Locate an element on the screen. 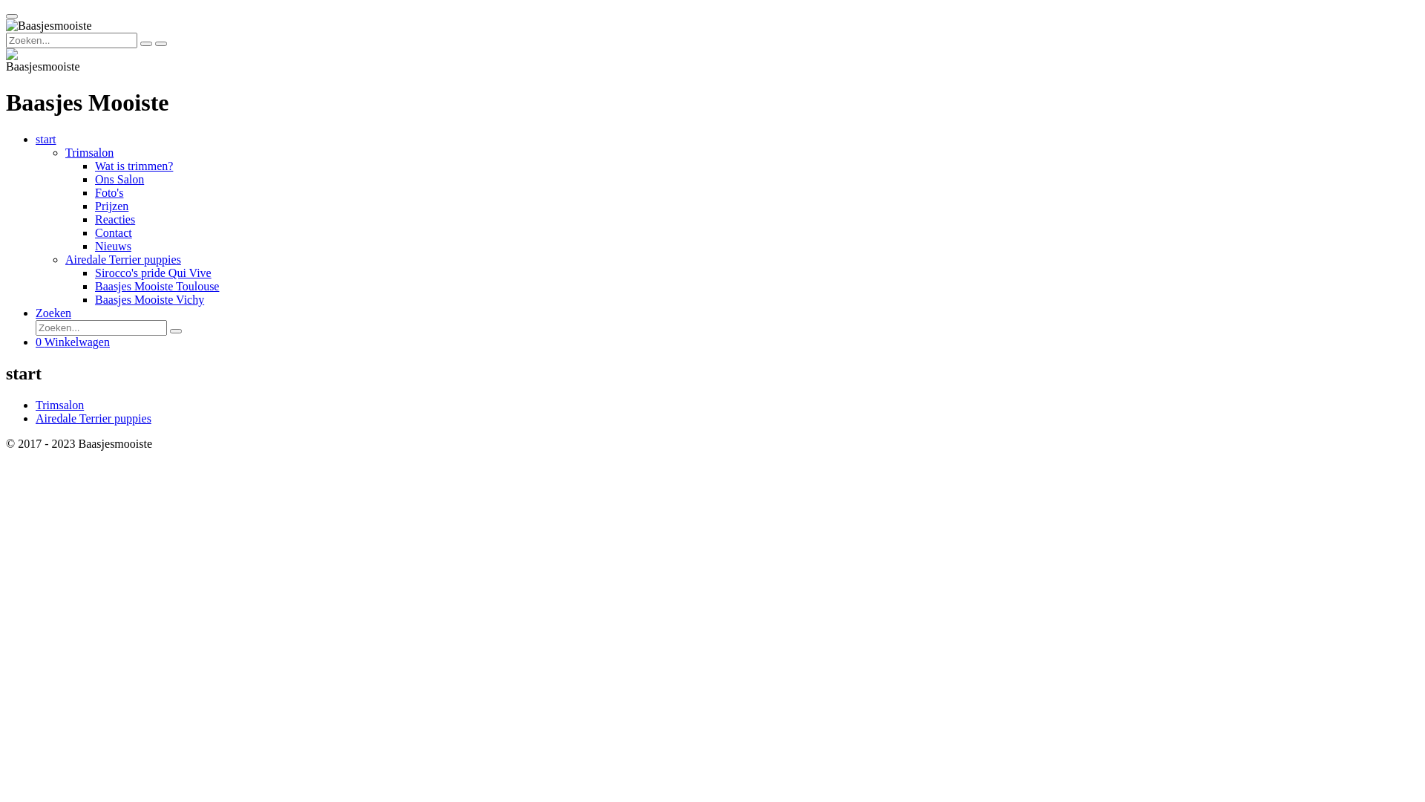 This screenshot has width=1425, height=802. 'Trimsalon' is located at coordinates (59, 405).